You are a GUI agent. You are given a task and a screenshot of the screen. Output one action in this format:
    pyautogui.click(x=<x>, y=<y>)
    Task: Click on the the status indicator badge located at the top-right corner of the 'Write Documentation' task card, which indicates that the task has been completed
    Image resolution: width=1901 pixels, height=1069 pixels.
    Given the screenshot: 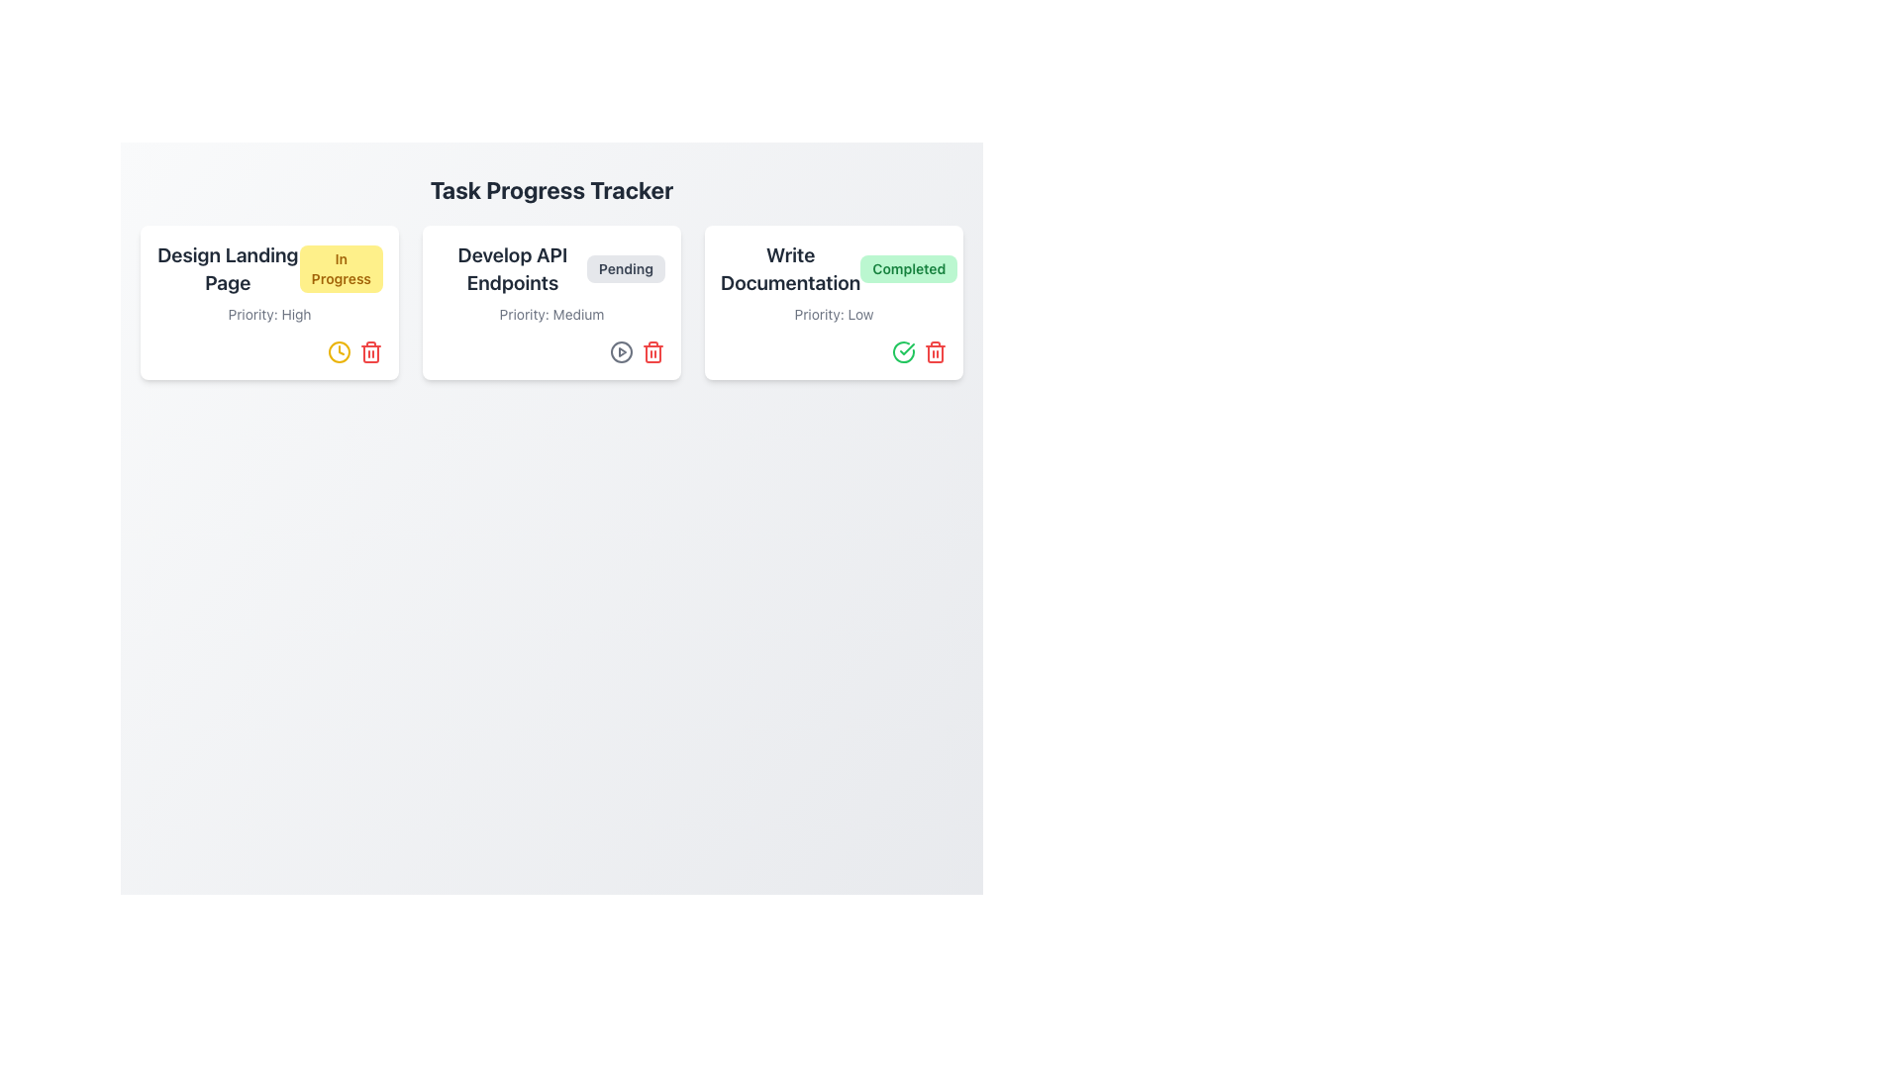 What is the action you would take?
    pyautogui.click(x=908, y=269)
    